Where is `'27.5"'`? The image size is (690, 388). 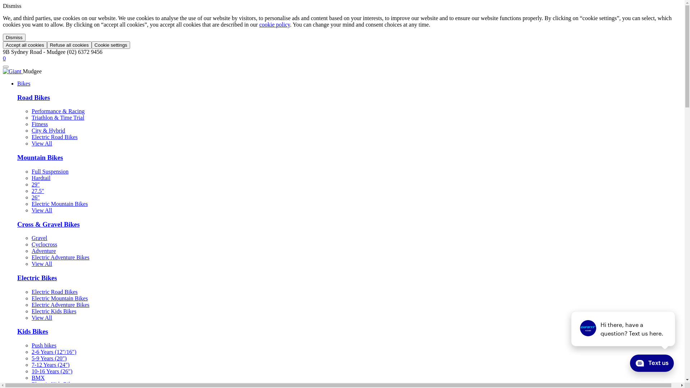 '27.5"' is located at coordinates (37, 190).